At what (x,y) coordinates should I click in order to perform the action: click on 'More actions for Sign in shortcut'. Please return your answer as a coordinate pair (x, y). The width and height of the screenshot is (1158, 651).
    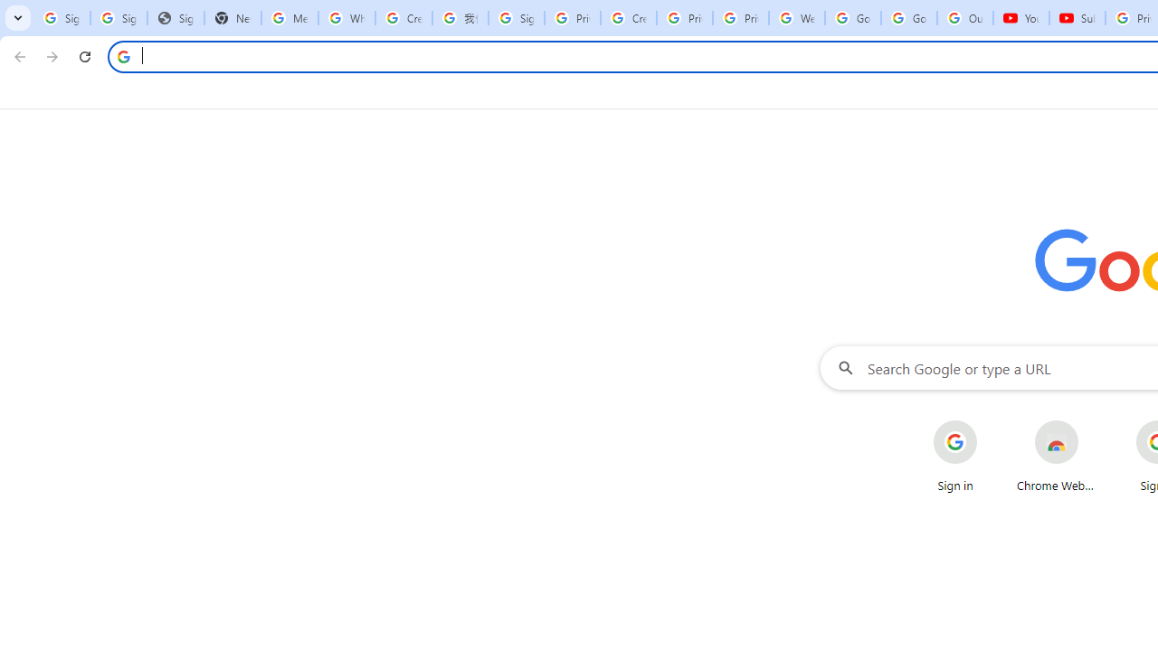
    Looking at the image, I should click on (990, 421).